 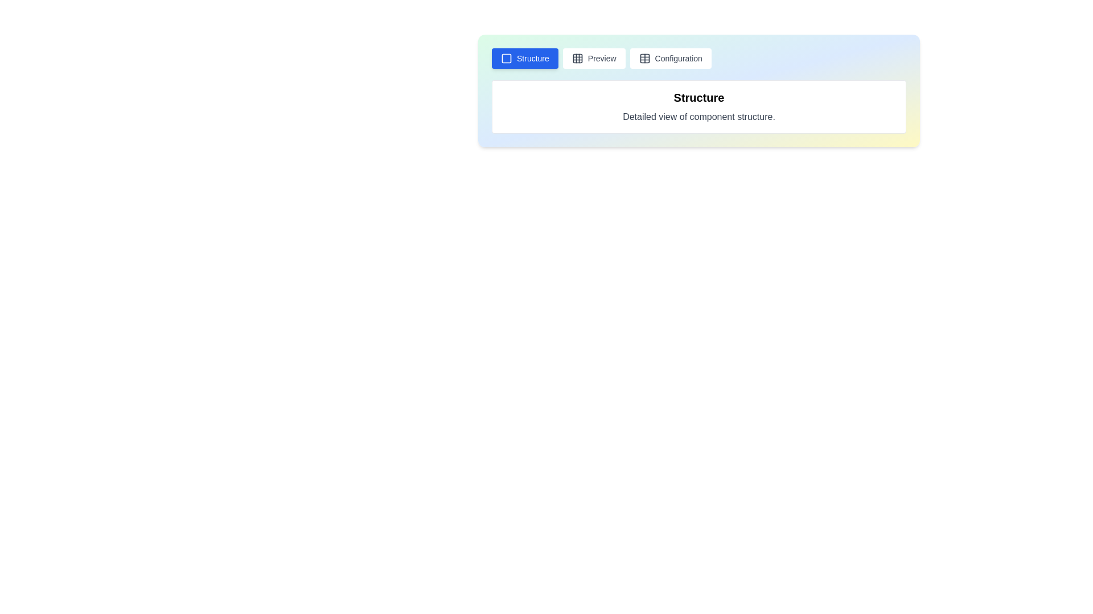 What do you see at coordinates (670, 59) in the screenshot?
I see `the Configuration tab to observe its layout` at bounding box center [670, 59].